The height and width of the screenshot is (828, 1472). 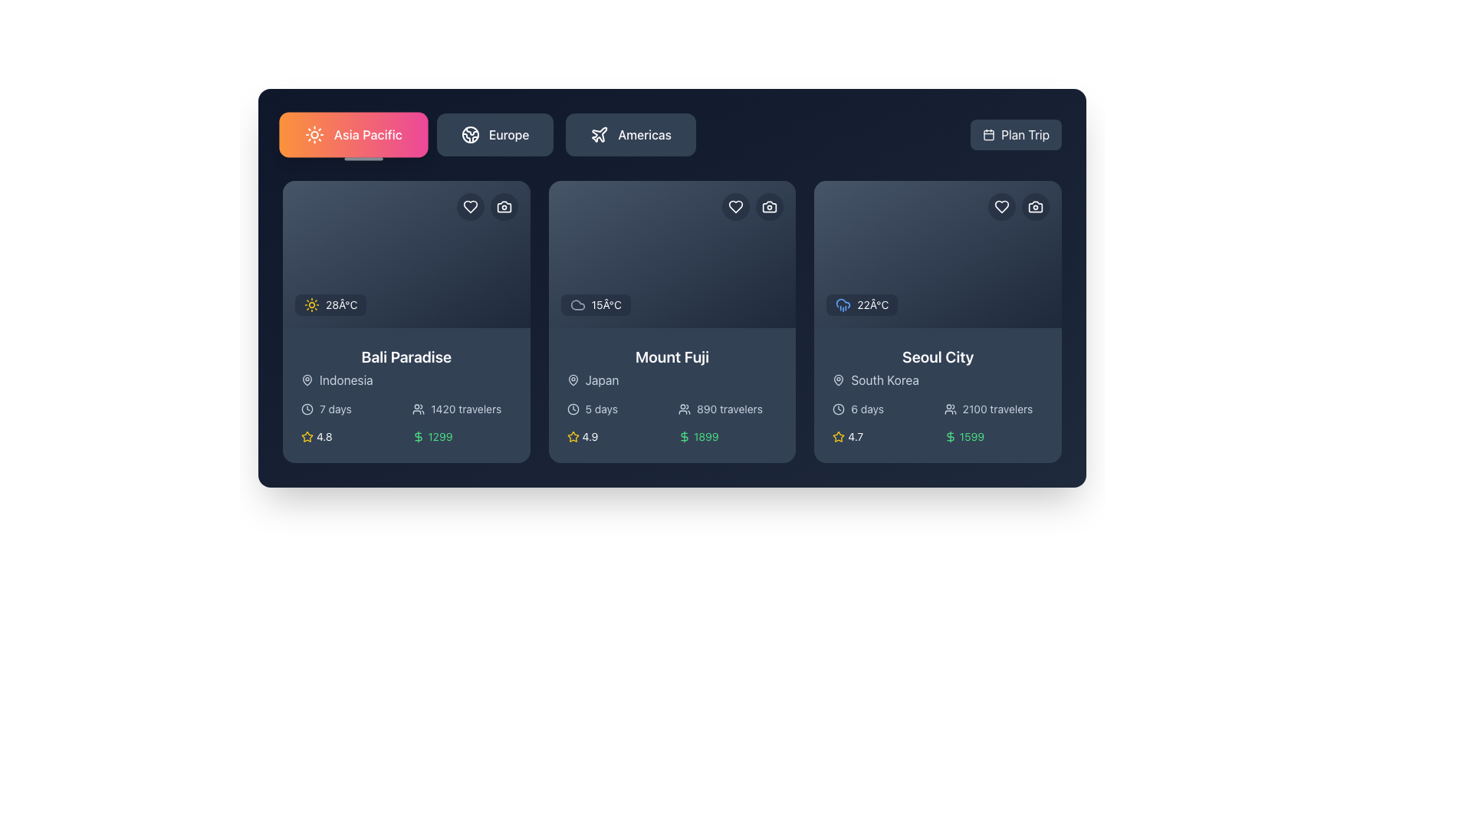 What do you see at coordinates (937, 422) in the screenshot?
I see `displayed information from the informational panel within the travel package card for 'Seoul City', which shows the duration, number of travelers, star rating, and price` at bounding box center [937, 422].